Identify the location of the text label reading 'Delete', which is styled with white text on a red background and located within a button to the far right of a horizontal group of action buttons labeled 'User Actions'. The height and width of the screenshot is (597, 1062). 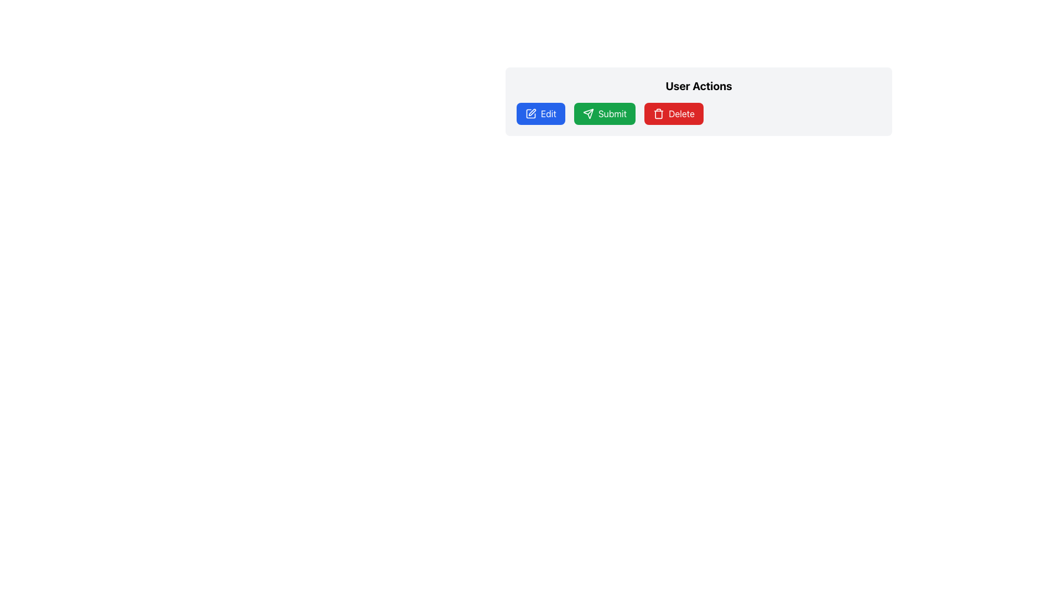
(681, 113).